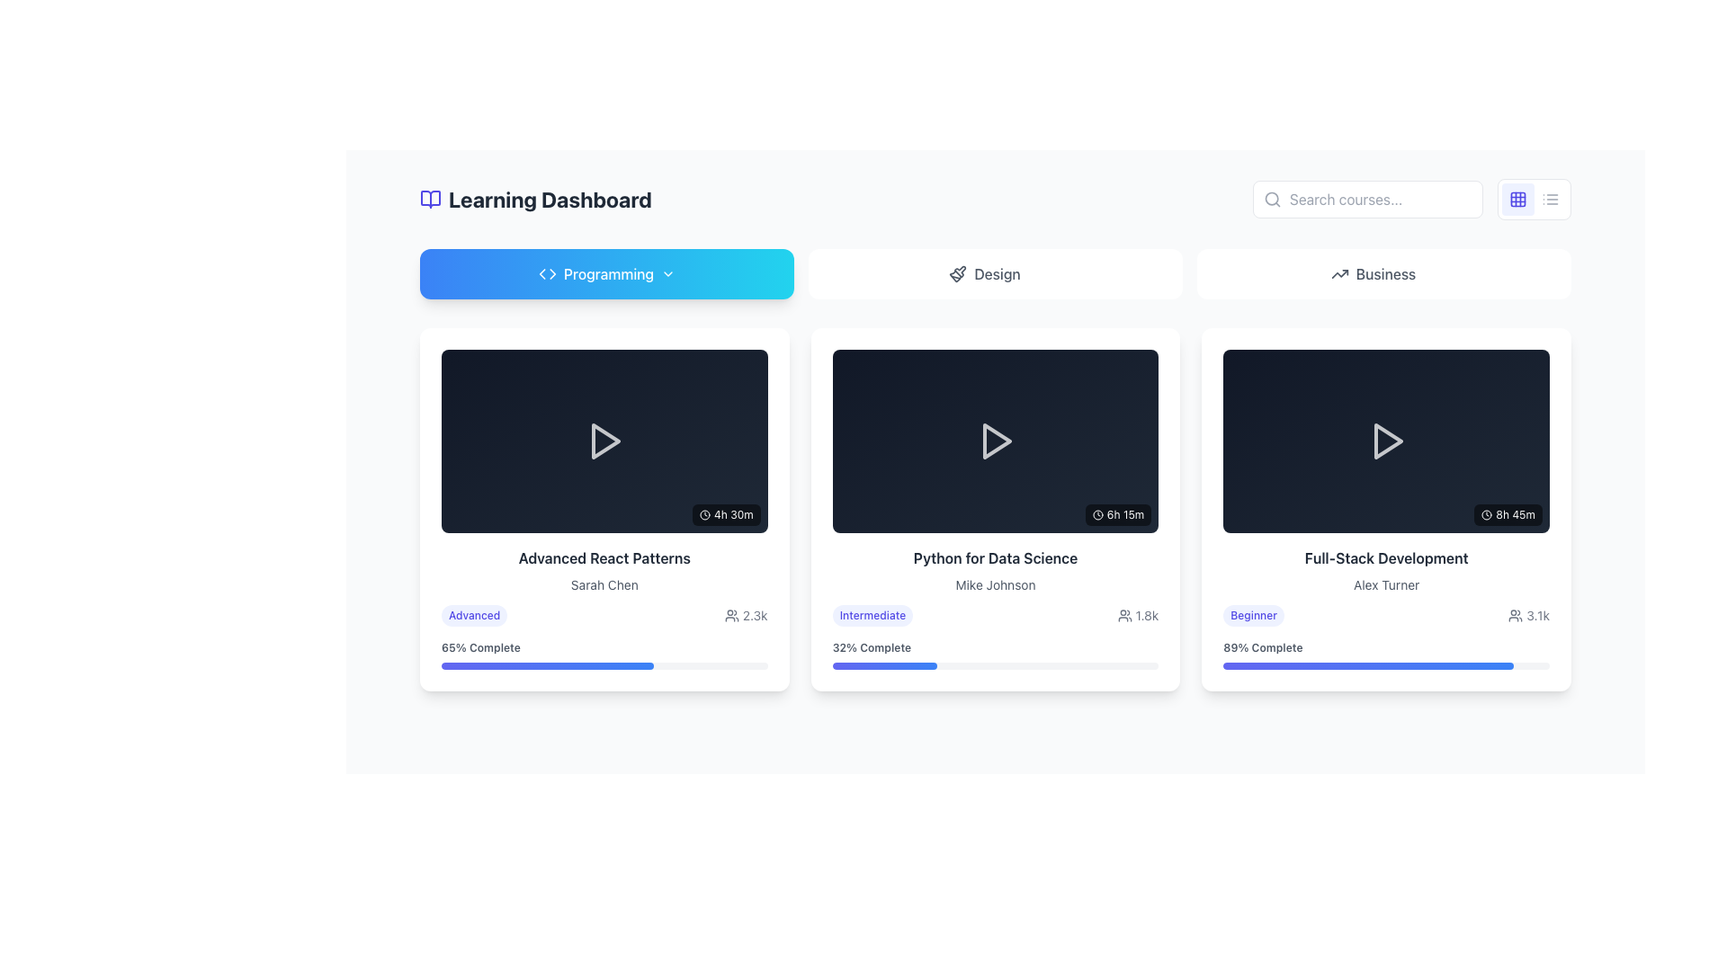 The image size is (1727, 971). Describe the element at coordinates (430, 200) in the screenshot. I see `the blue-indigo book icon located to the left of the 'Learning Dashboard' text in the header section` at that location.